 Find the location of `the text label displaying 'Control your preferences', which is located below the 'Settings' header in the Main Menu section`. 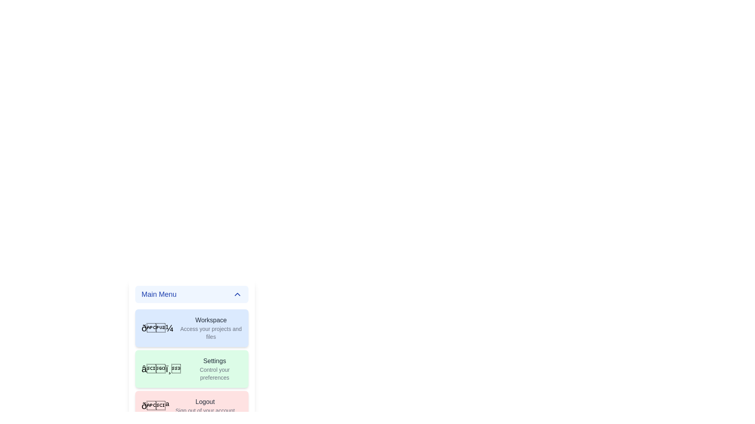

the text label displaying 'Control your preferences', which is located below the 'Settings' header in the Main Menu section is located at coordinates (215, 373).